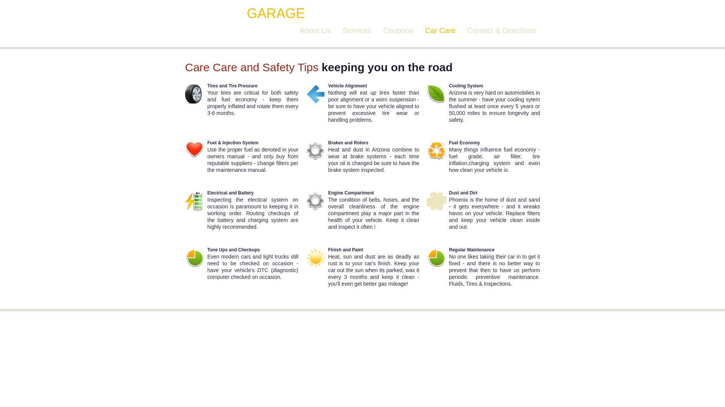  Describe the element at coordinates (342, 30) in the screenshot. I see `'Services'` at that location.